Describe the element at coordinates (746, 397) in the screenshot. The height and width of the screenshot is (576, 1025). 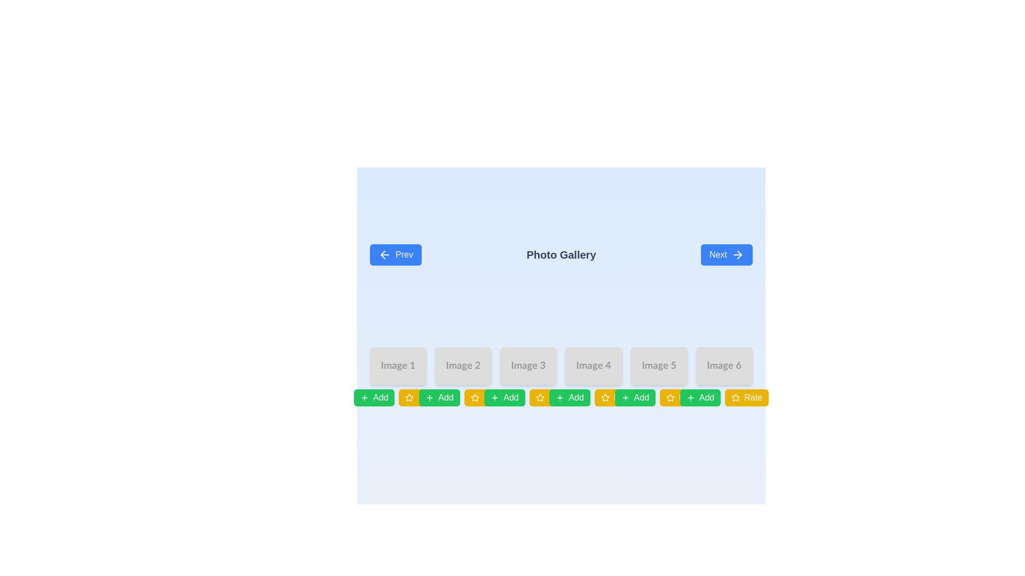
I see `the second button in the group below the sixth image in the photo gallery` at that location.